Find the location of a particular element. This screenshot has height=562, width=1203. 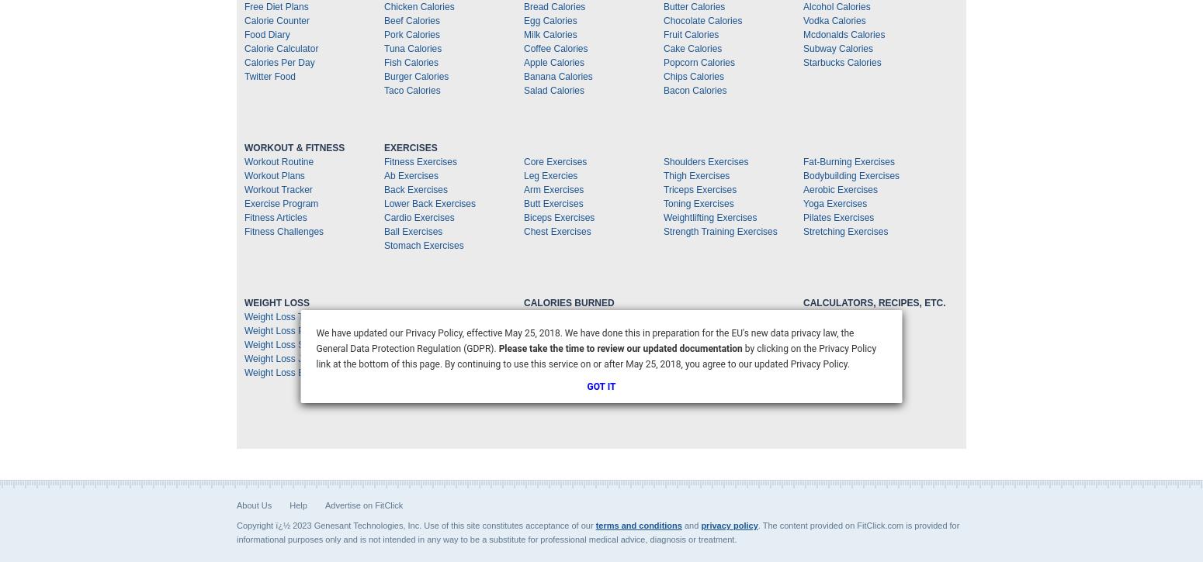

'Core Exercises' is located at coordinates (555, 161).